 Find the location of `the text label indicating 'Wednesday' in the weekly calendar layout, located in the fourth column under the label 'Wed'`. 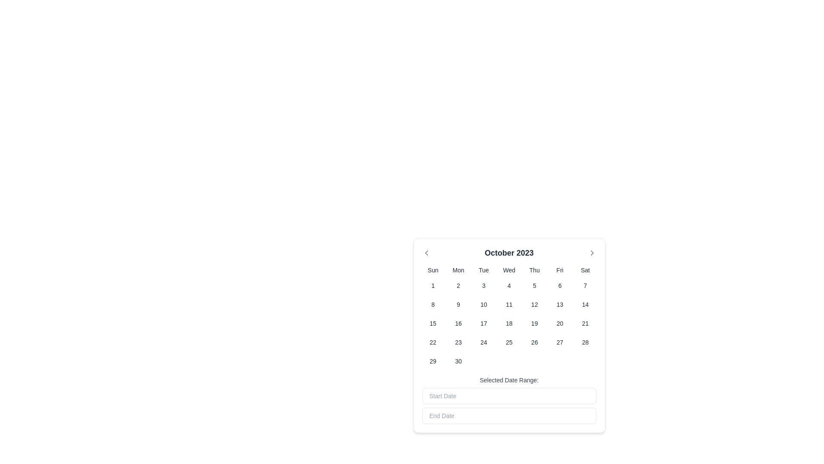

the text label indicating 'Wednesday' in the weekly calendar layout, located in the fourth column under the label 'Wed' is located at coordinates (509, 269).